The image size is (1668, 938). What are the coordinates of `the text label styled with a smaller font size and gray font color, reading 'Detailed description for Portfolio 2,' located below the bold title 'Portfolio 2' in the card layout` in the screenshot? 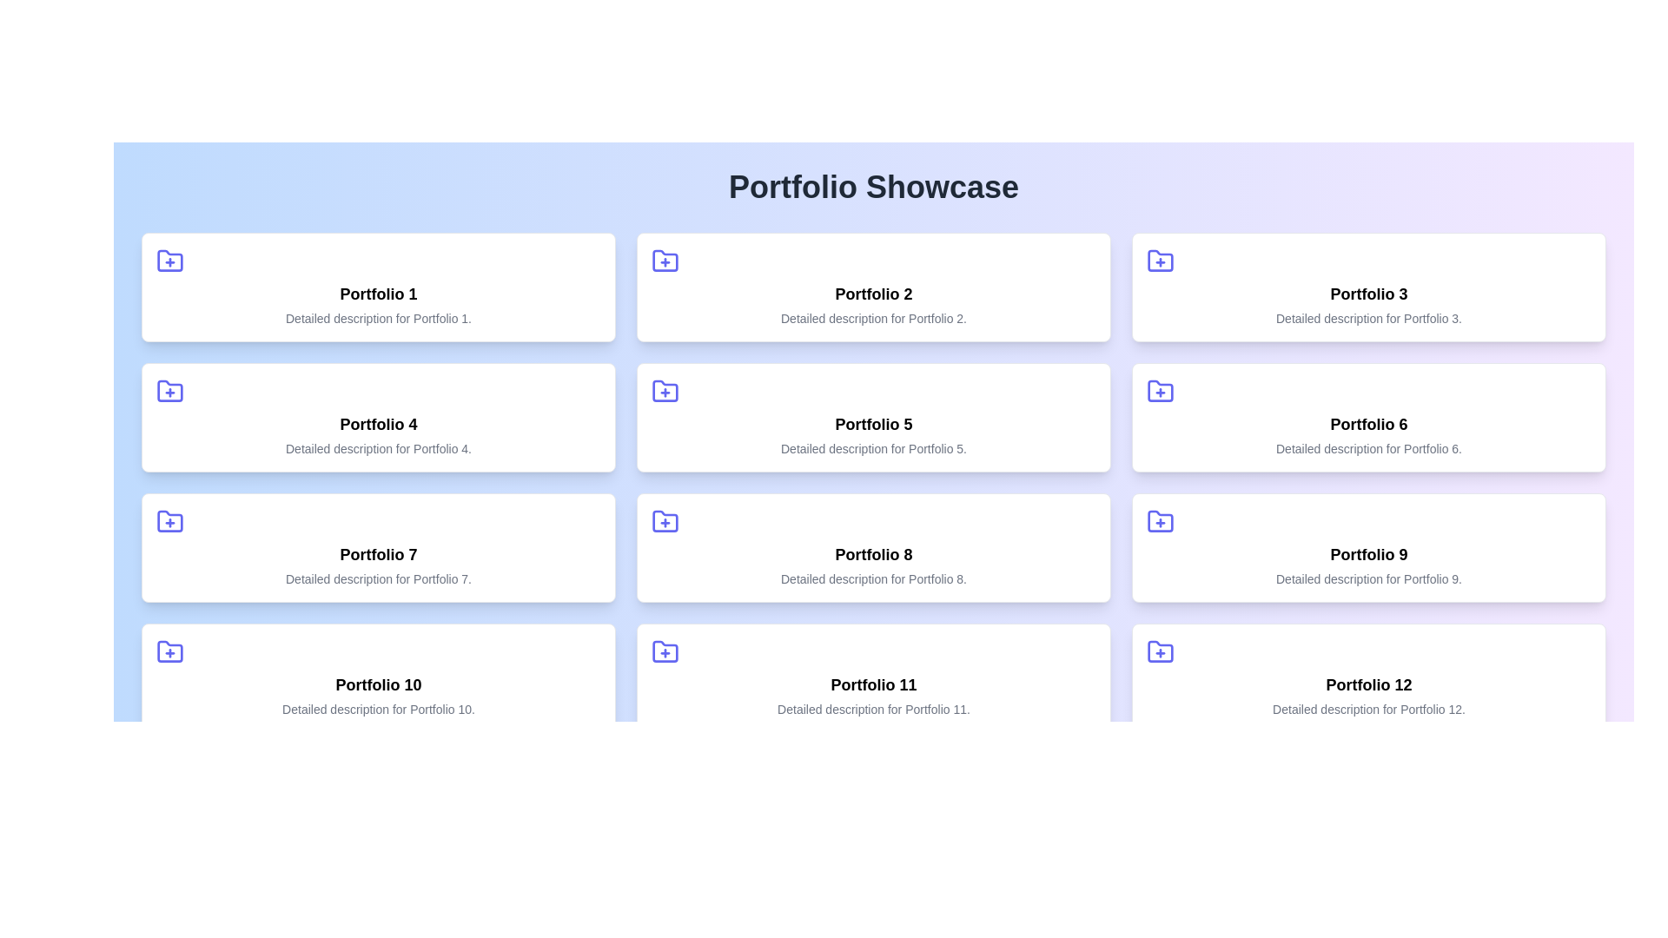 It's located at (874, 318).